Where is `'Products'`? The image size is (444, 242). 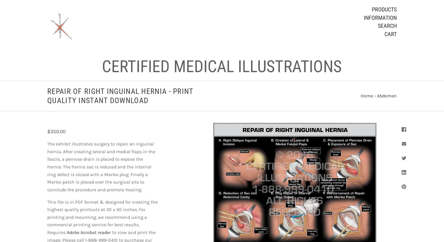
'Products' is located at coordinates (384, 9).